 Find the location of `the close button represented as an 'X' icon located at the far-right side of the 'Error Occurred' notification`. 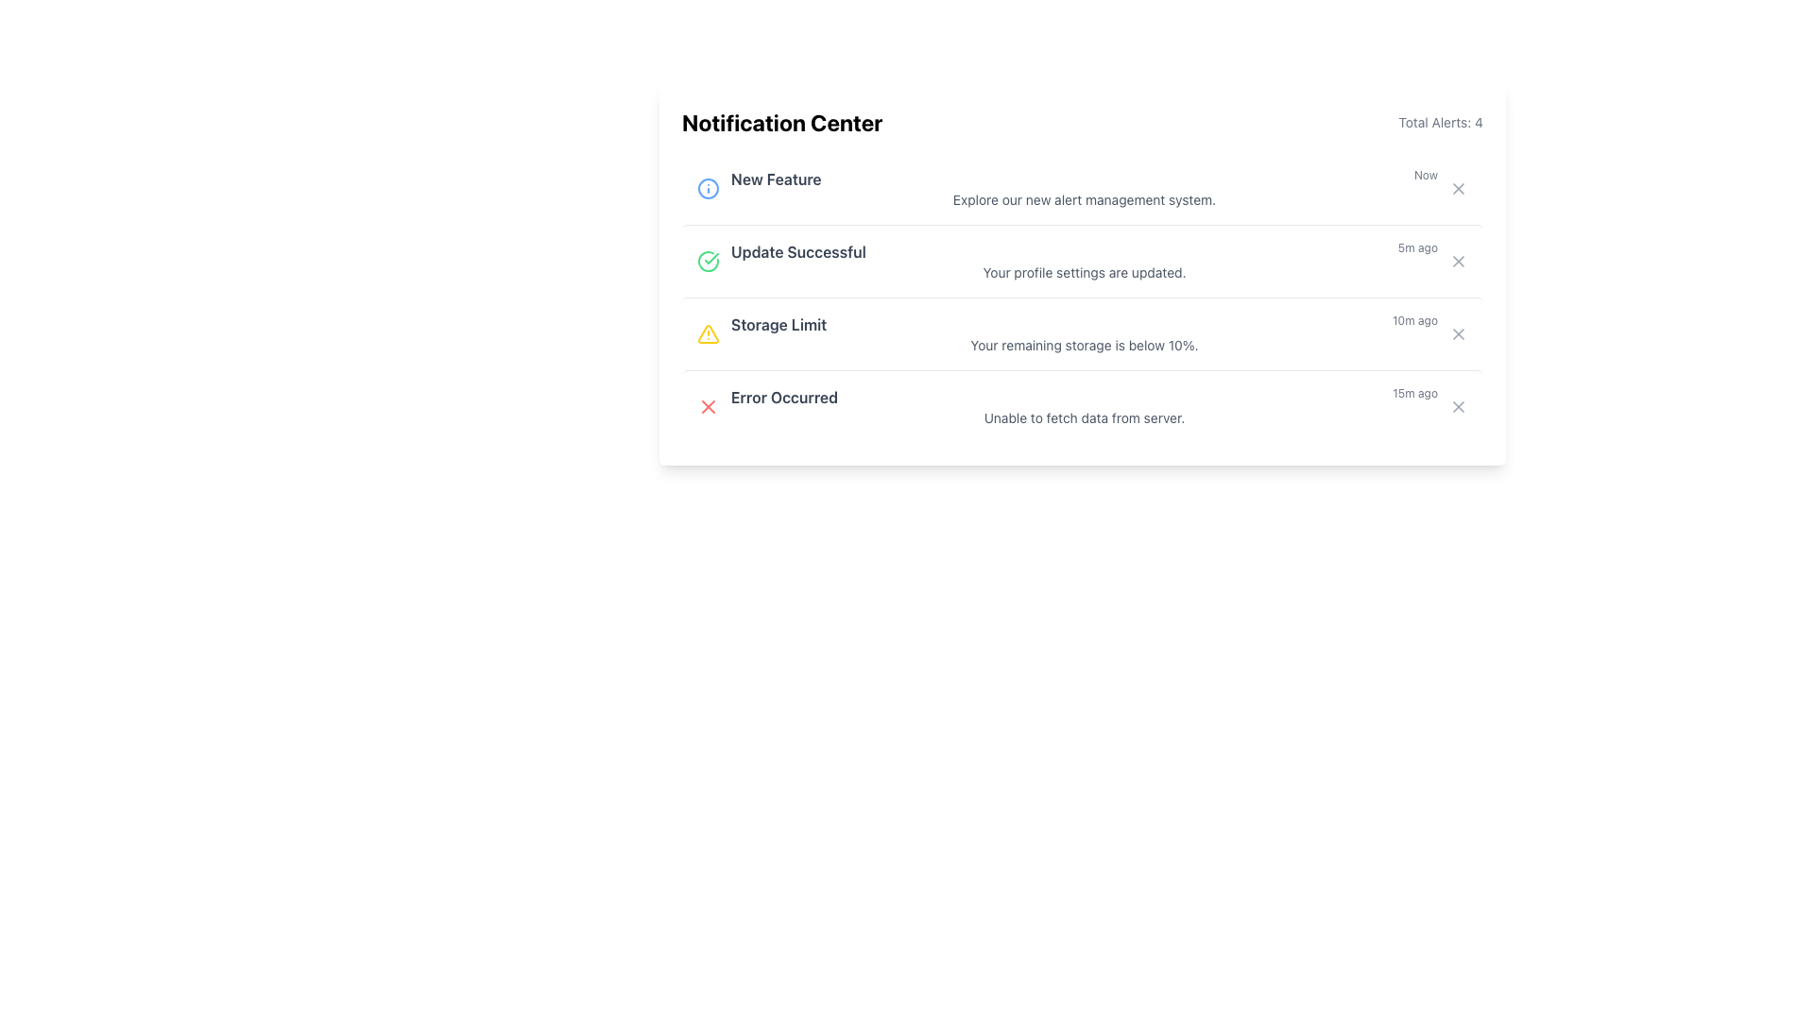

the close button represented as an 'X' icon located at the far-right side of the 'Error Occurred' notification is located at coordinates (707, 406).